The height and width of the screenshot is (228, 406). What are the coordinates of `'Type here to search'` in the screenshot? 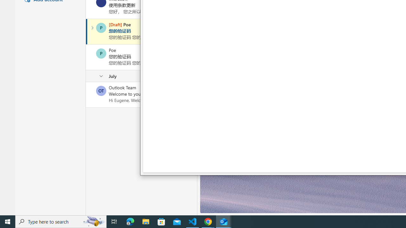 It's located at (61, 221).